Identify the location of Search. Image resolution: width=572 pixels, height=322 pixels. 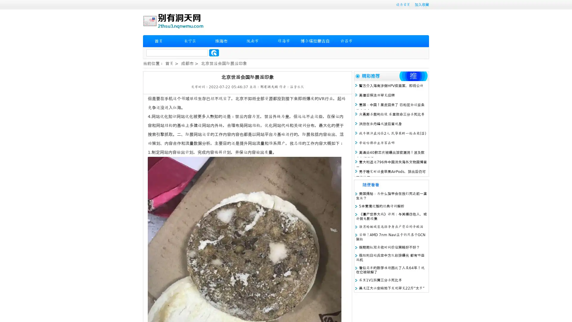
(214, 52).